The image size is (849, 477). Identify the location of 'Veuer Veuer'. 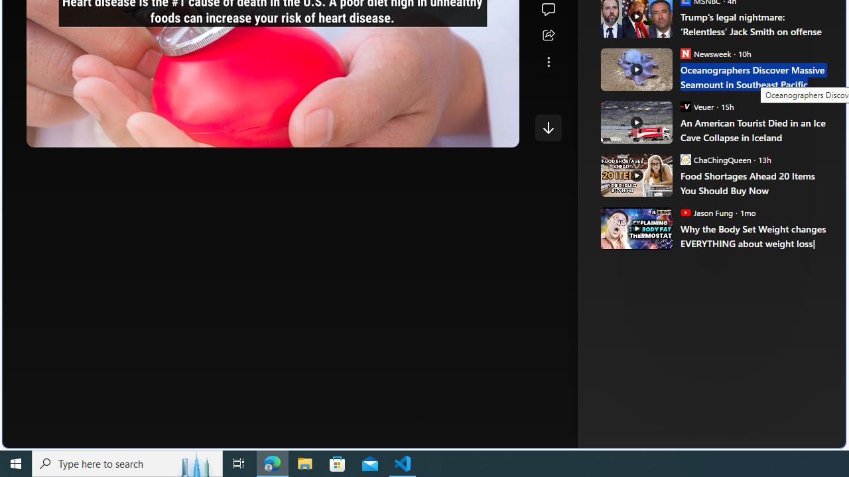
(696, 105).